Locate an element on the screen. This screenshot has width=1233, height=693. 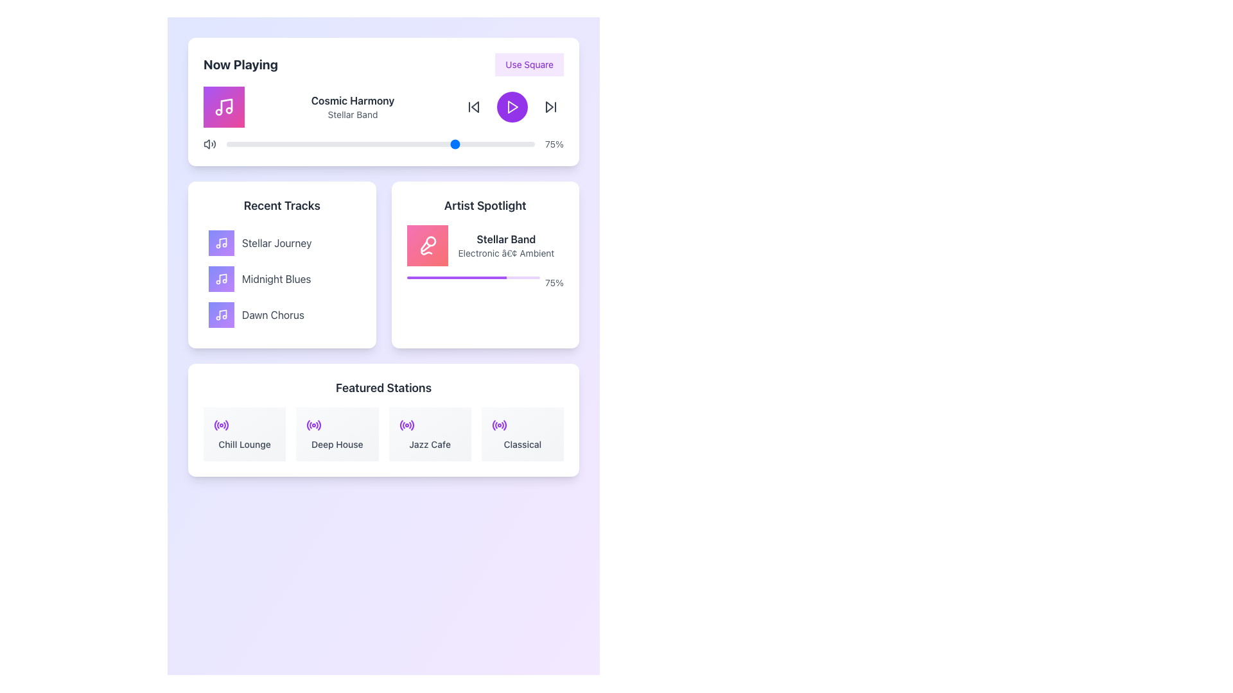
the first item in the 'Recent Tracks' list, which represents a track and may play it or display more information is located at coordinates (281, 243).